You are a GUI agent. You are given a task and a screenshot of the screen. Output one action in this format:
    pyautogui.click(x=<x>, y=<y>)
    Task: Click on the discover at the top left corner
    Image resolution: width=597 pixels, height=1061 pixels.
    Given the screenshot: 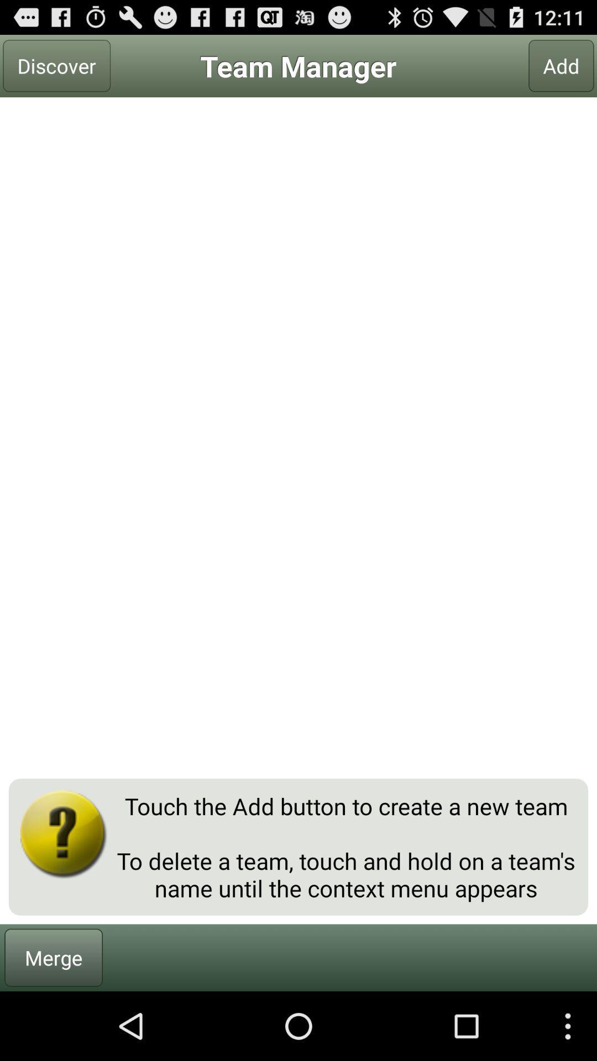 What is the action you would take?
    pyautogui.click(x=56, y=65)
    